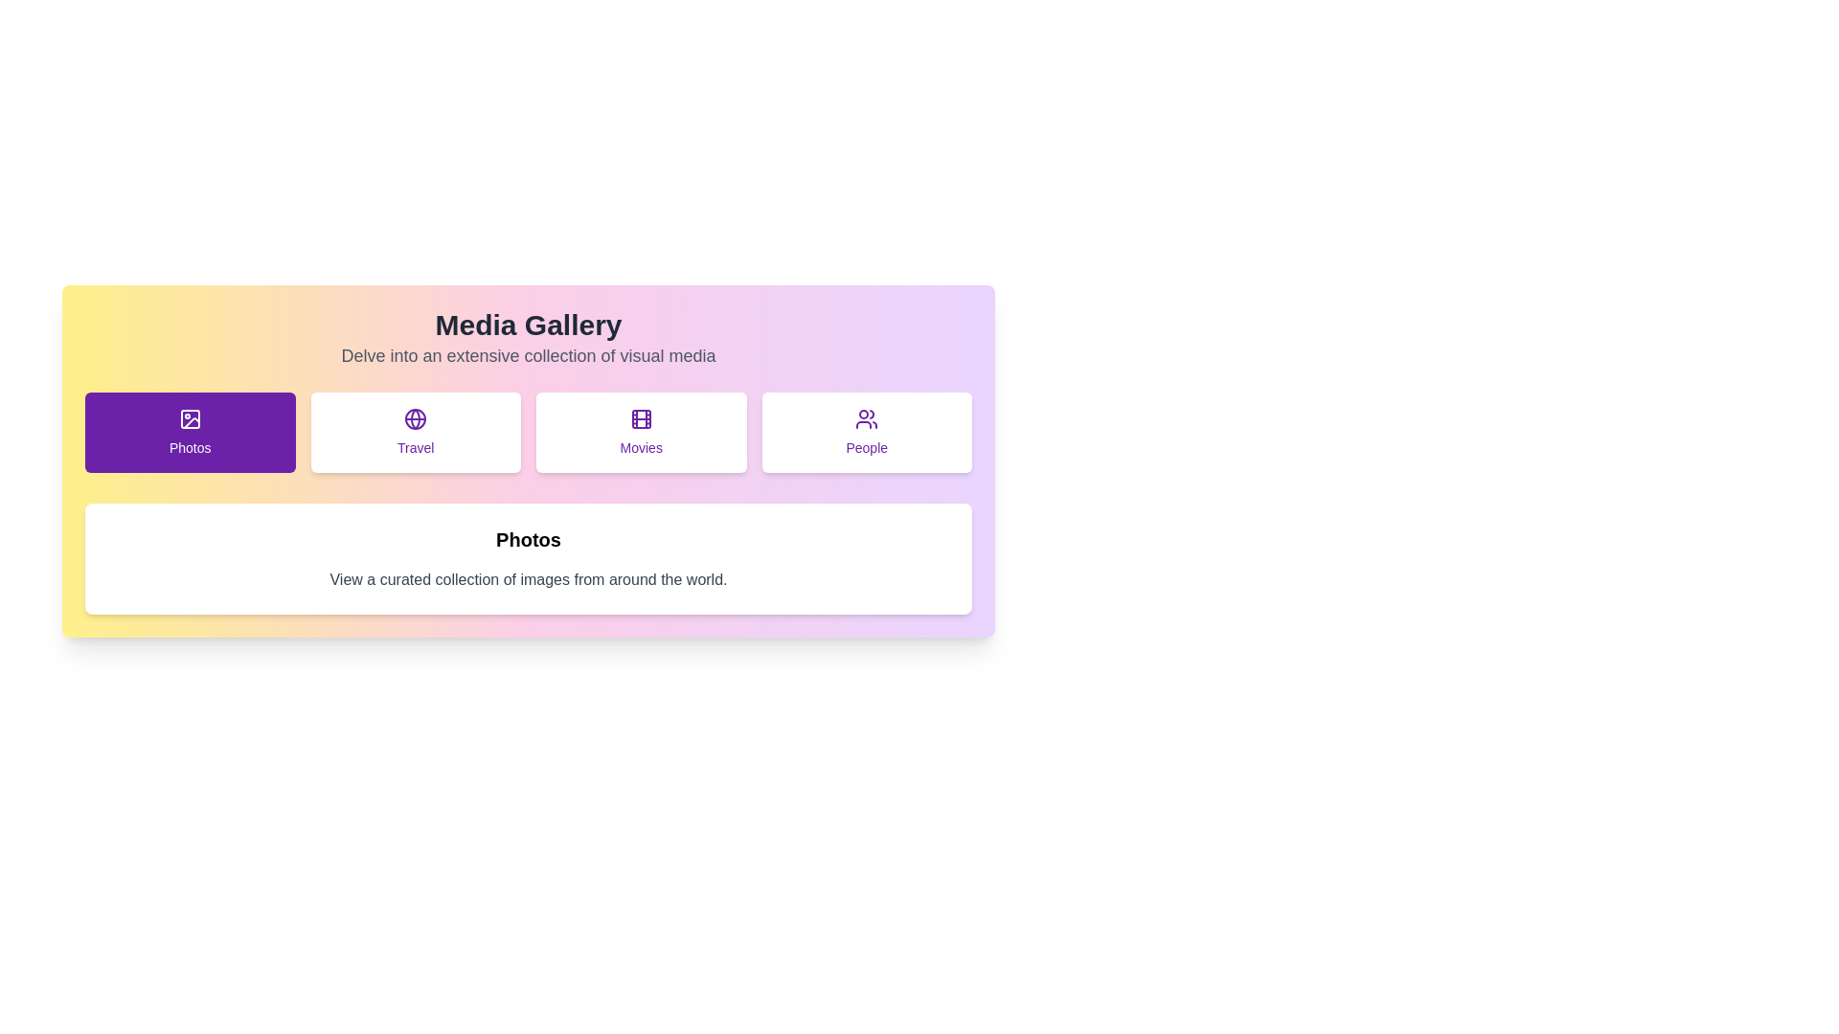 This screenshot has width=1839, height=1034. What do you see at coordinates (190, 432) in the screenshot?
I see `the tab labeled Photos` at bounding box center [190, 432].